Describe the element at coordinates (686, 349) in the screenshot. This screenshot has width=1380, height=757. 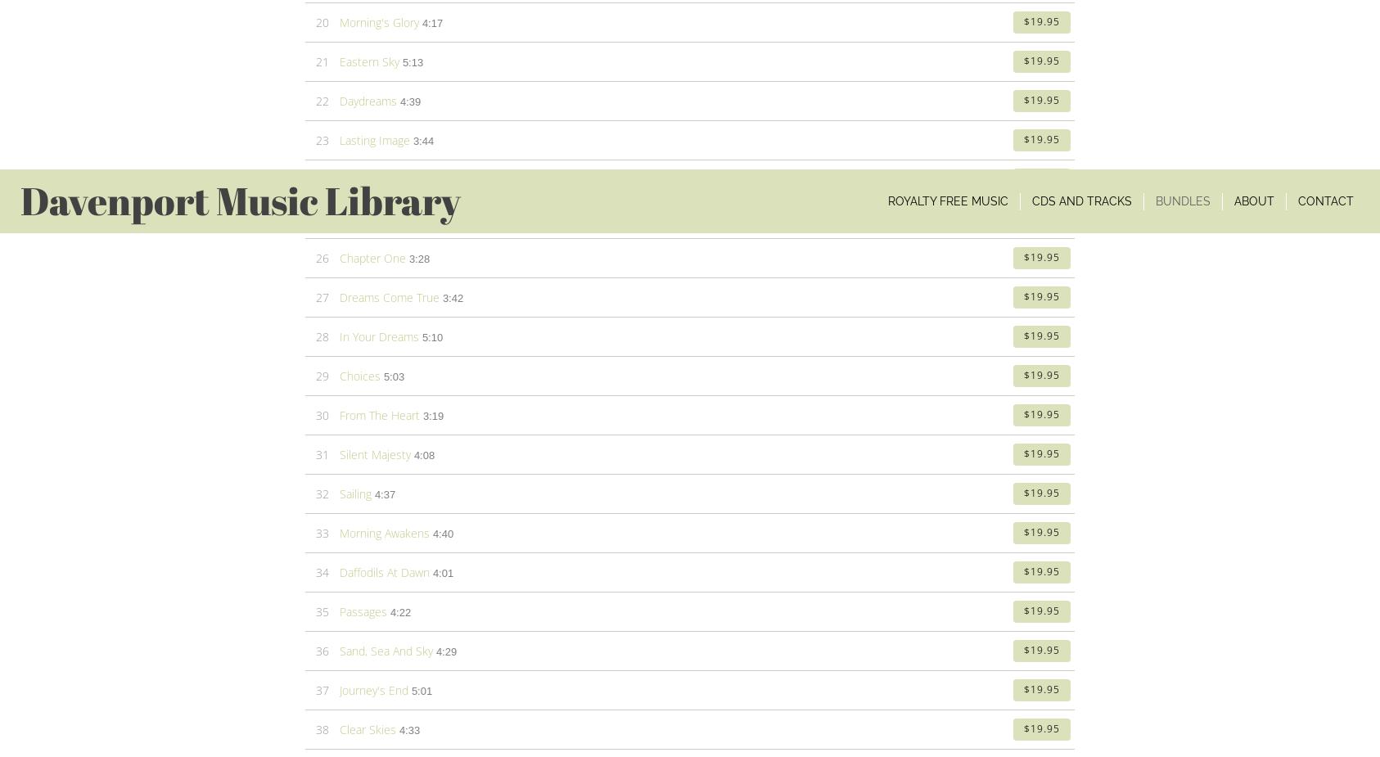
I see `'Review all tracks below. A download link will be received after order processing. If CDs are to be received, shipping information will sent by email.'` at that location.